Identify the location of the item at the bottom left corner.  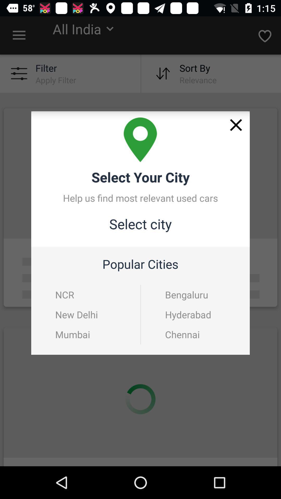
(73, 334).